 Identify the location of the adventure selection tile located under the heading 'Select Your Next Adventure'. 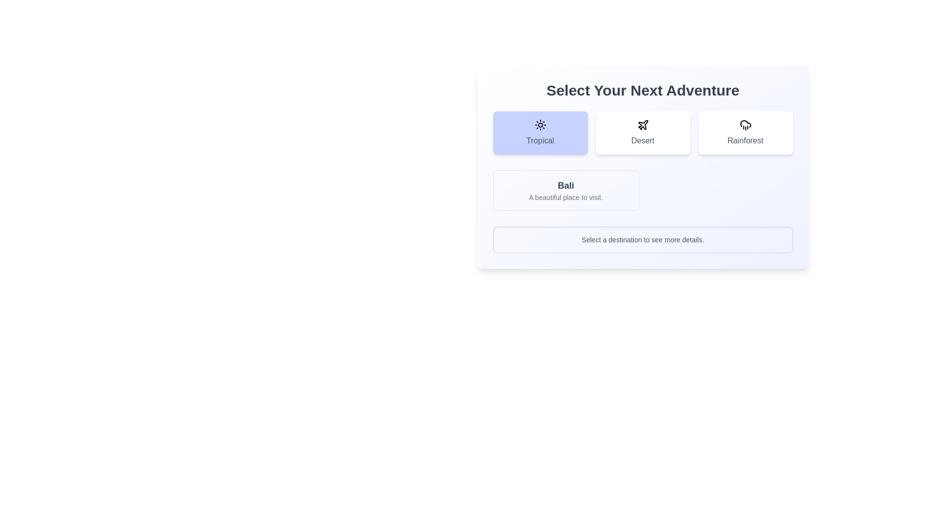
(643, 133).